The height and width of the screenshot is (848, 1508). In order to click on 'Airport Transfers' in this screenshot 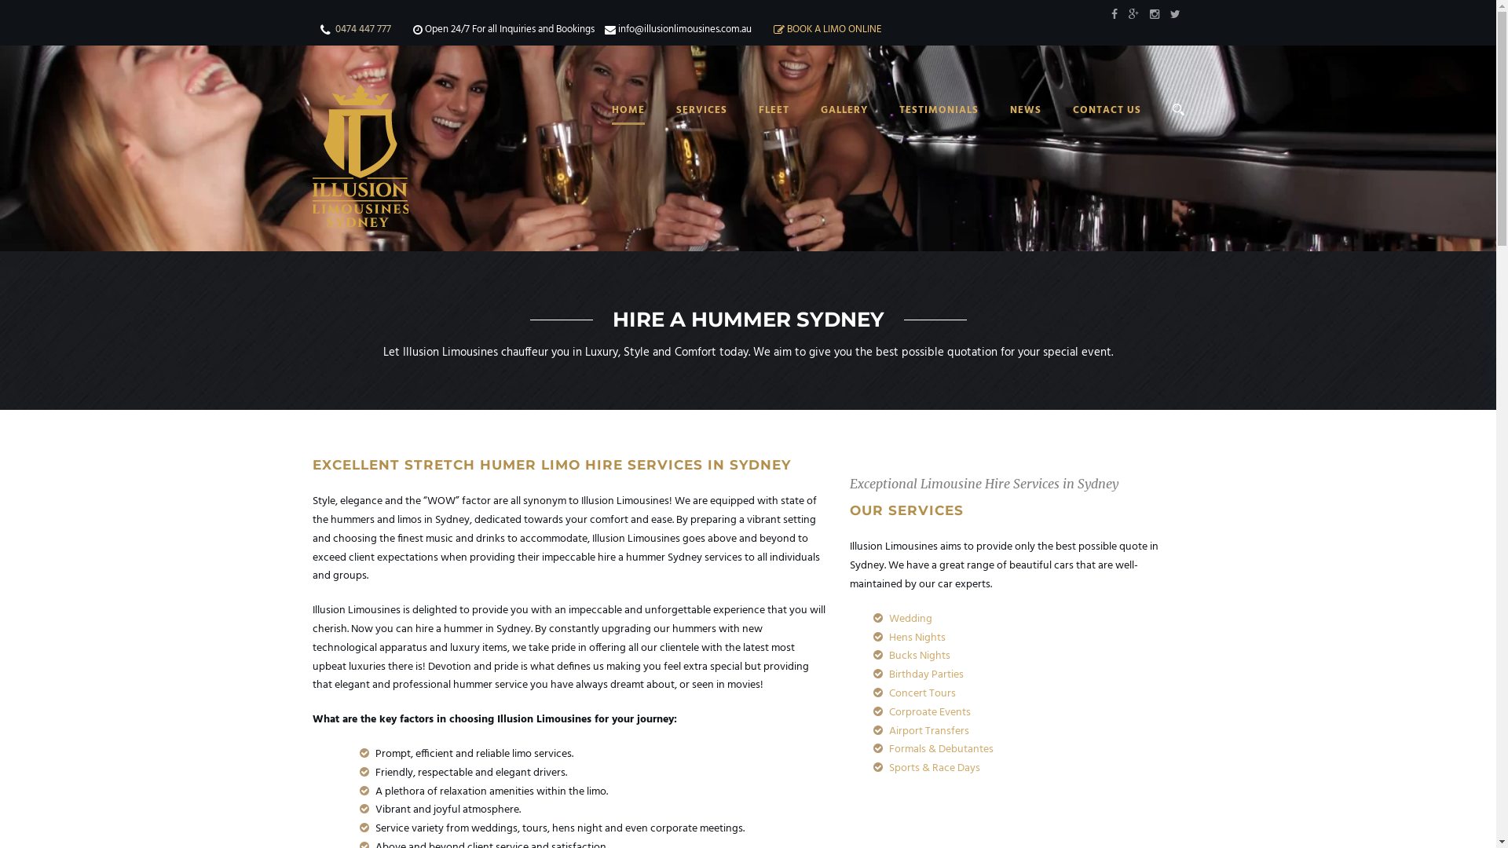, I will do `click(889, 731)`.